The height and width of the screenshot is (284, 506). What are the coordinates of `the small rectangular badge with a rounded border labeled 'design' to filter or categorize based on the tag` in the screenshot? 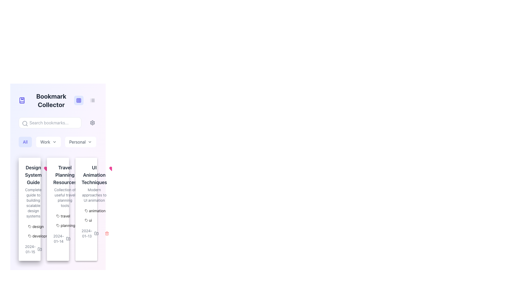 It's located at (36, 226).